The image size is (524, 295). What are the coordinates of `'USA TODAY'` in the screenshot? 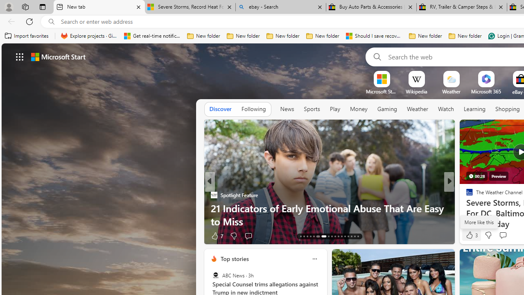 It's located at (466, 195).